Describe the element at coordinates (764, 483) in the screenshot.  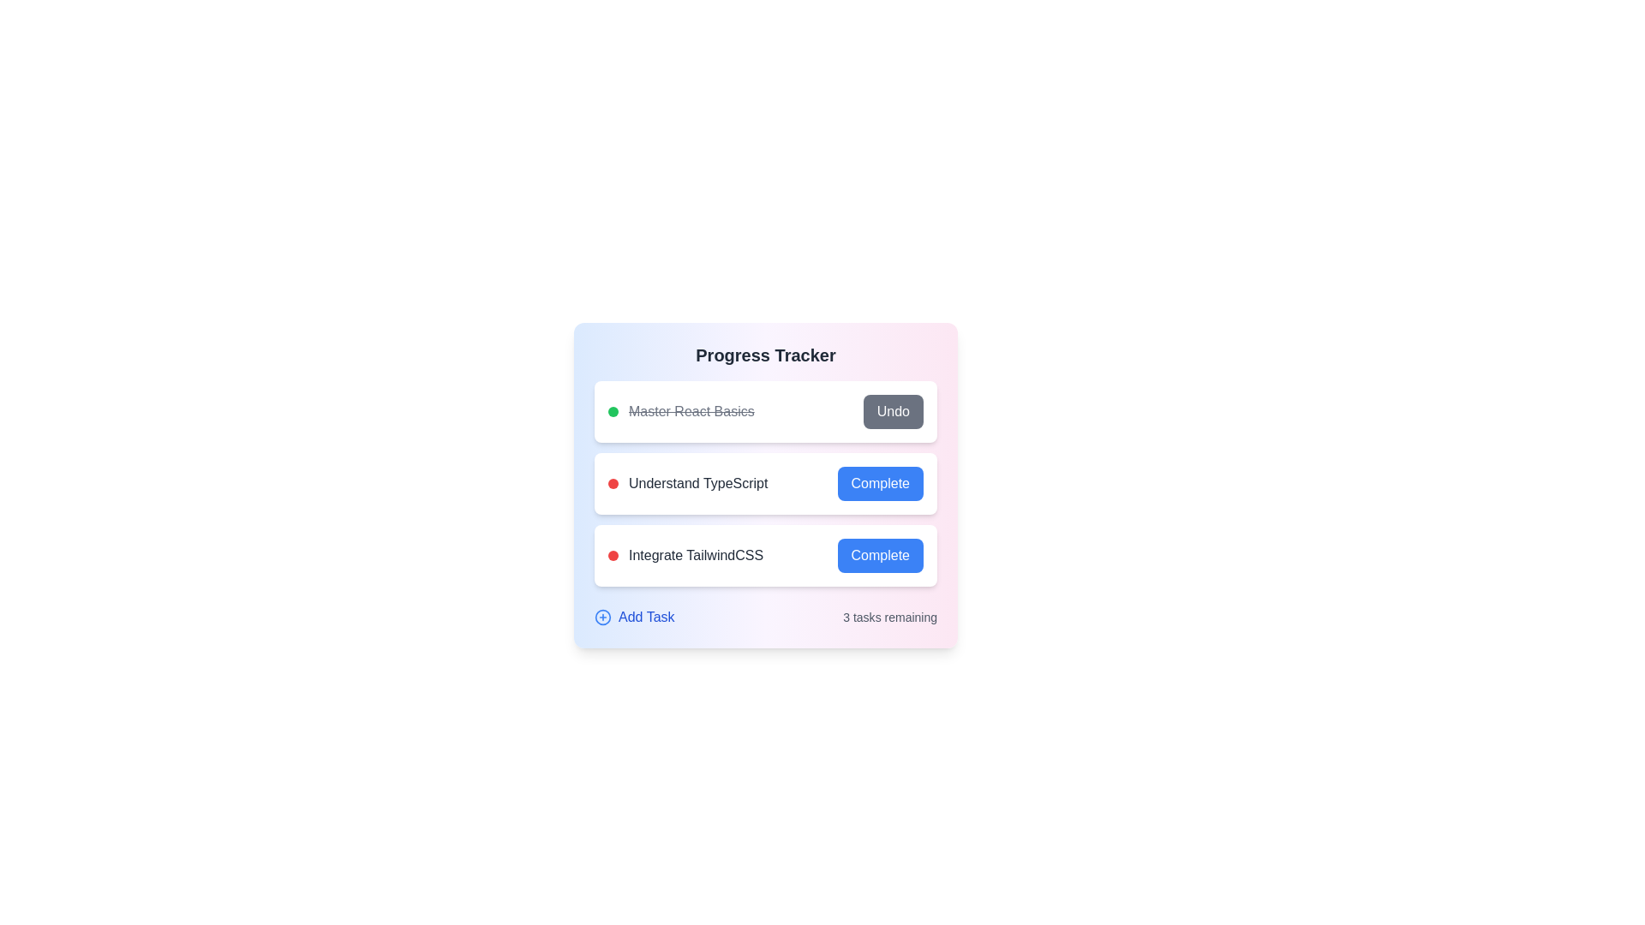
I see `a task card in the progress tracker component` at that location.